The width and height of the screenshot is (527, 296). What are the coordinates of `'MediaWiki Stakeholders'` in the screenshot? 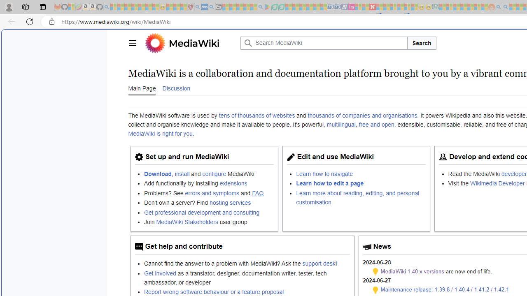 It's located at (187, 221).